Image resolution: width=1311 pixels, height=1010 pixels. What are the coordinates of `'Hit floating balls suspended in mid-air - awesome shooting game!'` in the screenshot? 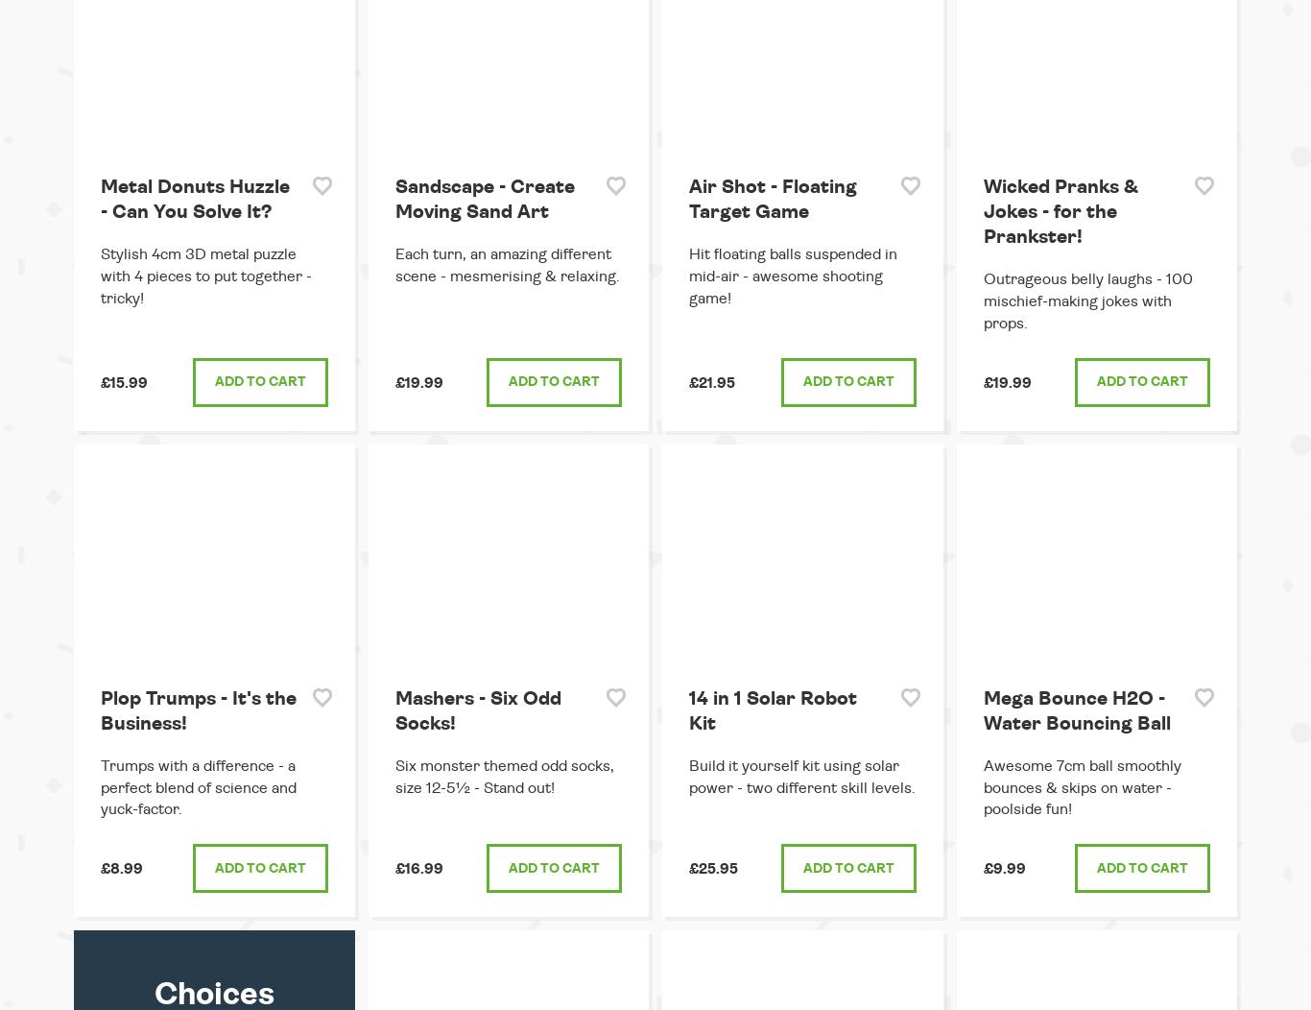 It's located at (792, 277).